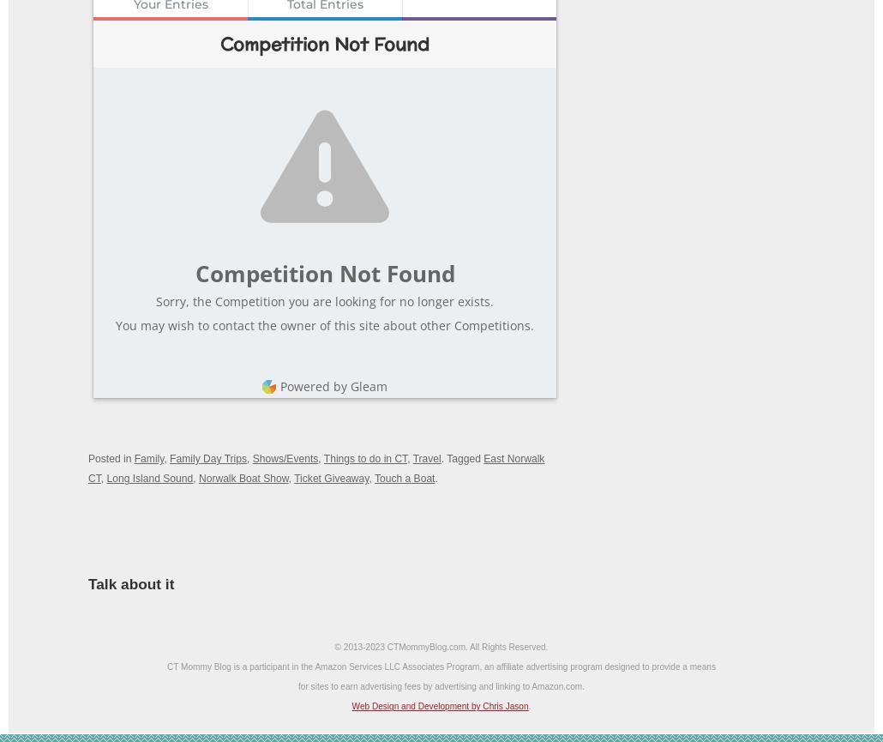  What do you see at coordinates (279, 384) in the screenshot?
I see `'Powered by Gleam'` at bounding box center [279, 384].